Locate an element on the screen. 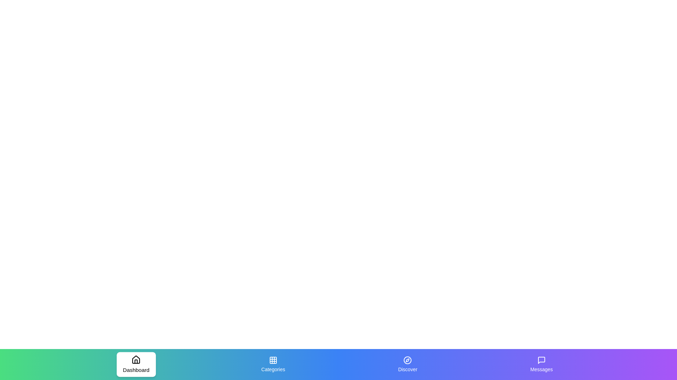 Image resolution: width=677 pixels, height=380 pixels. the Categories tab by clicking on its icon or label is located at coordinates (272, 364).